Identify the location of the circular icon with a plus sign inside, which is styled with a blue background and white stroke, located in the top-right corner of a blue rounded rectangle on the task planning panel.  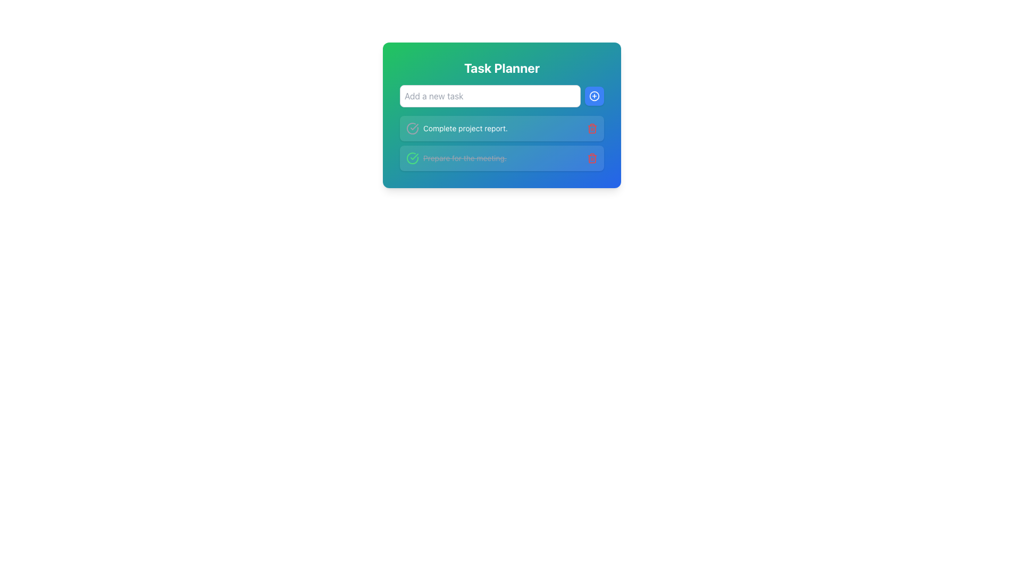
(594, 96).